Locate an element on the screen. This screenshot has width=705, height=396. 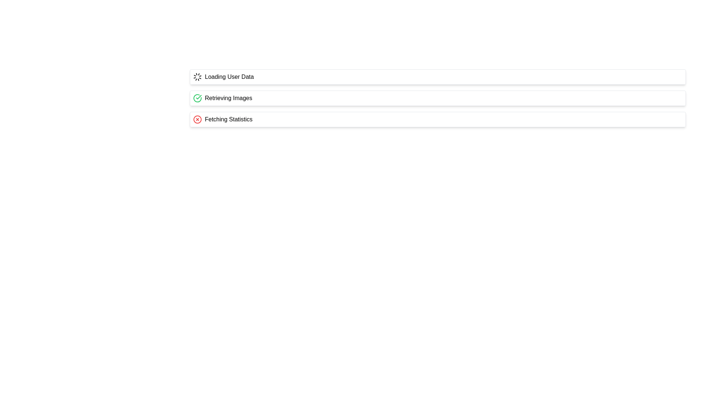
the Status display row element, which is the second in a vertically-stacked list, positioned below 'Loading User Data' and above 'Fetching Statistics' is located at coordinates (438, 98).